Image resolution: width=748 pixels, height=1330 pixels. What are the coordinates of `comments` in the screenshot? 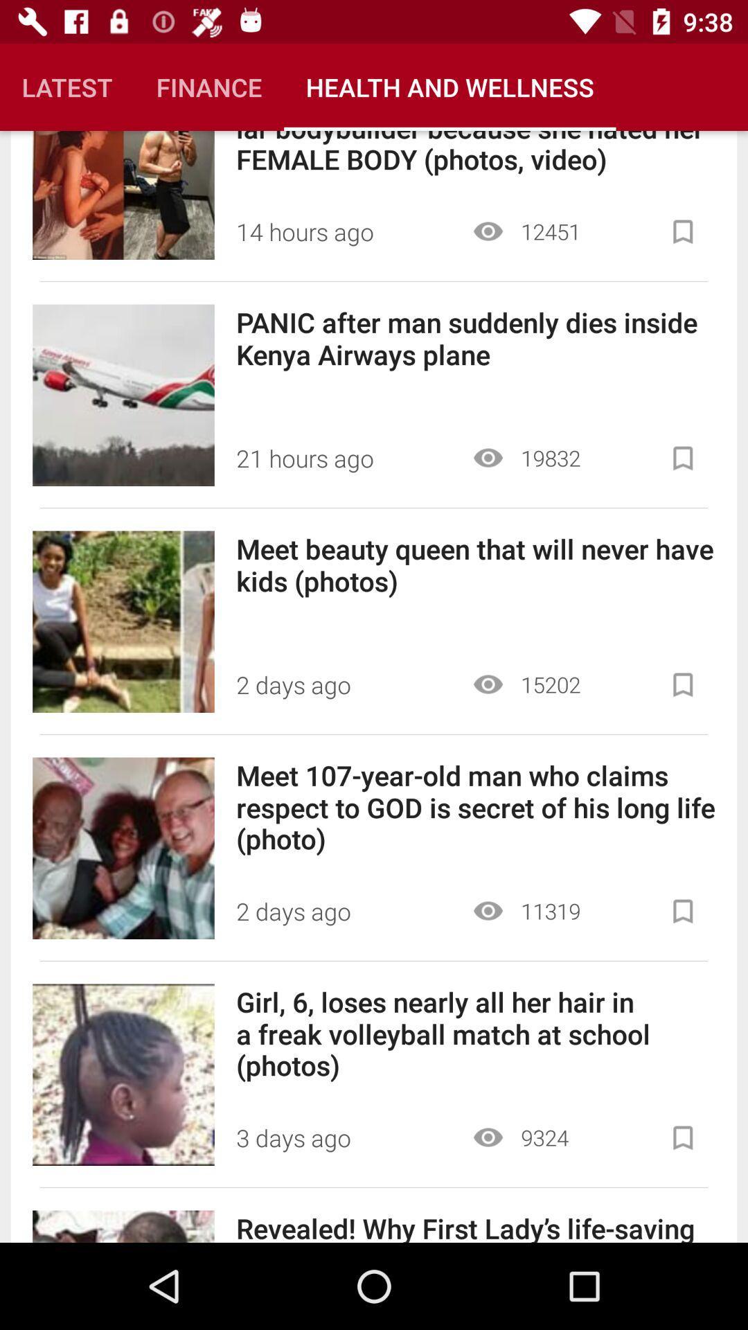 It's located at (682, 1137).